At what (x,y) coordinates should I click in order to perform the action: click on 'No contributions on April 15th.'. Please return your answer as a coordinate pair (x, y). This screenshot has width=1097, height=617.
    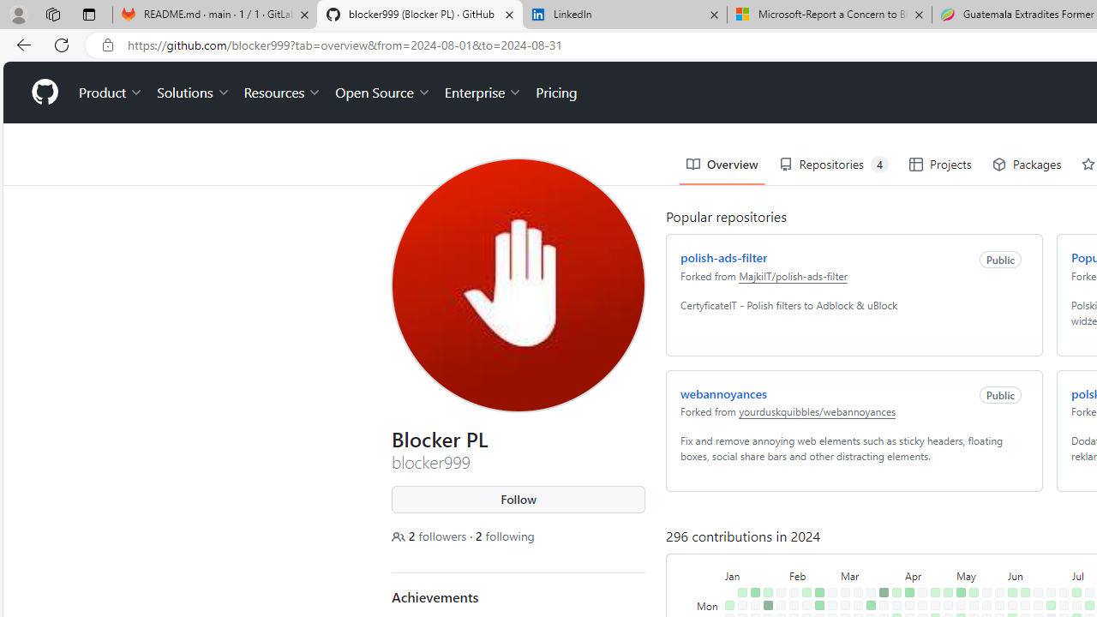
    Looking at the image, I should click on (921, 604).